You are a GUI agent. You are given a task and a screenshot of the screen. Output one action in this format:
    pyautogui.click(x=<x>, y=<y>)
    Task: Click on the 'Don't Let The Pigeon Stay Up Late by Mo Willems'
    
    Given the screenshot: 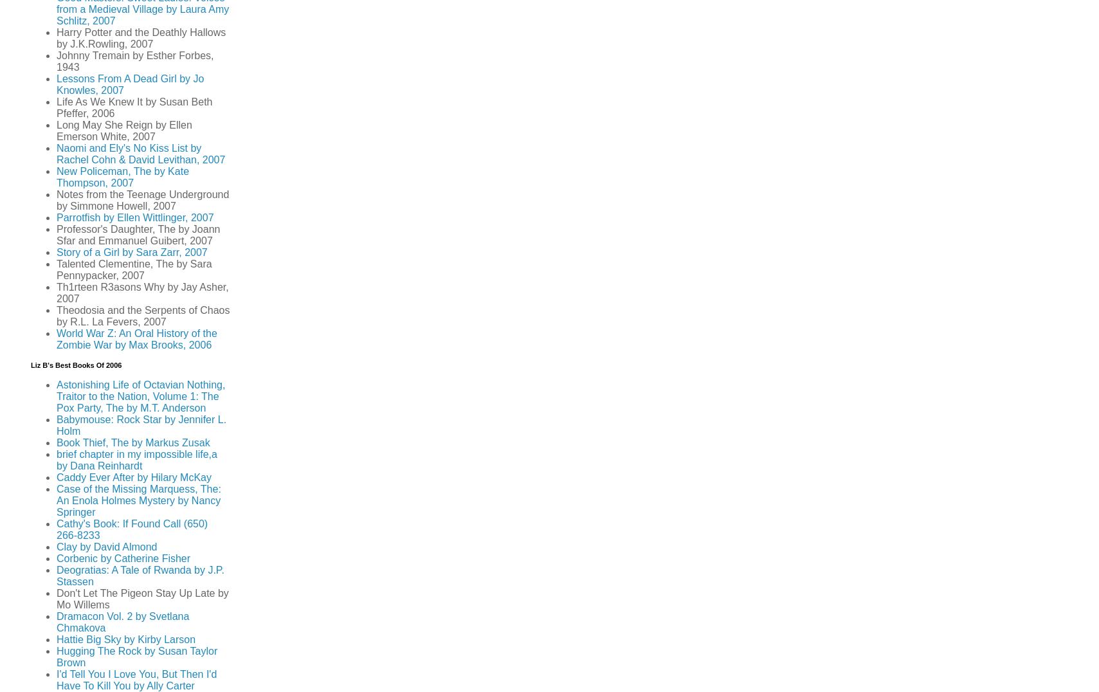 What is the action you would take?
    pyautogui.click(x=141, y=598)
    